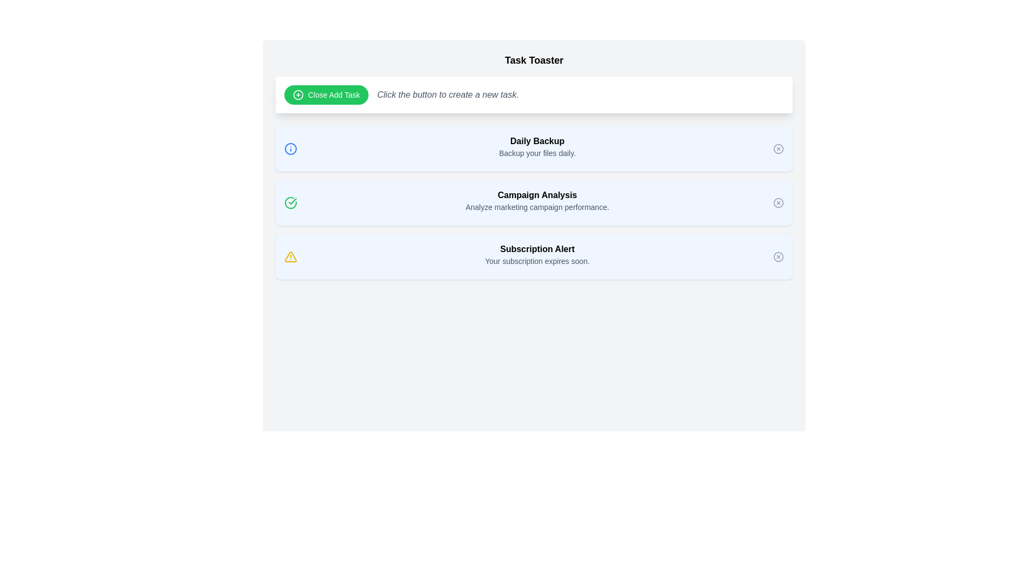 This screenshot has height=583, width=1036. Describe the element at coordinates (298, 94) in the screenshot. I see `the visual design of the circular graphic element that is part of the 'Close Add Task' icon, which features a thin border and a 'plus' sign within it` at that location.